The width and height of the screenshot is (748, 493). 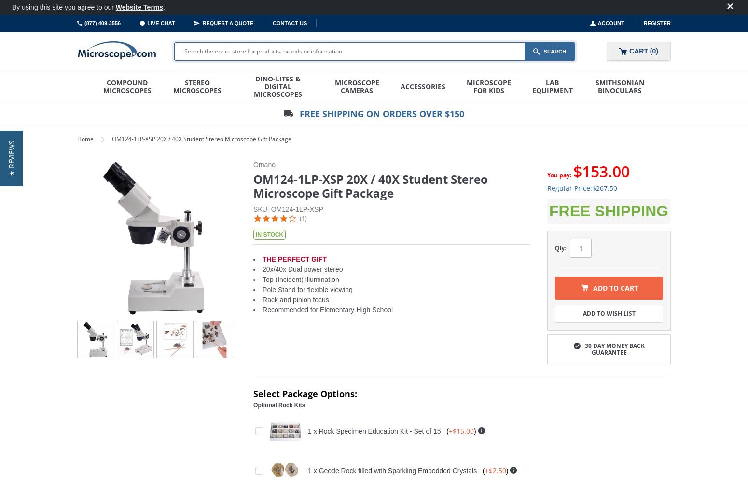 What do you see at coordinates (327, 309) in the screenshot?
I see `'Recommended for Elementary-High School'` at bounding box center [327, 309].